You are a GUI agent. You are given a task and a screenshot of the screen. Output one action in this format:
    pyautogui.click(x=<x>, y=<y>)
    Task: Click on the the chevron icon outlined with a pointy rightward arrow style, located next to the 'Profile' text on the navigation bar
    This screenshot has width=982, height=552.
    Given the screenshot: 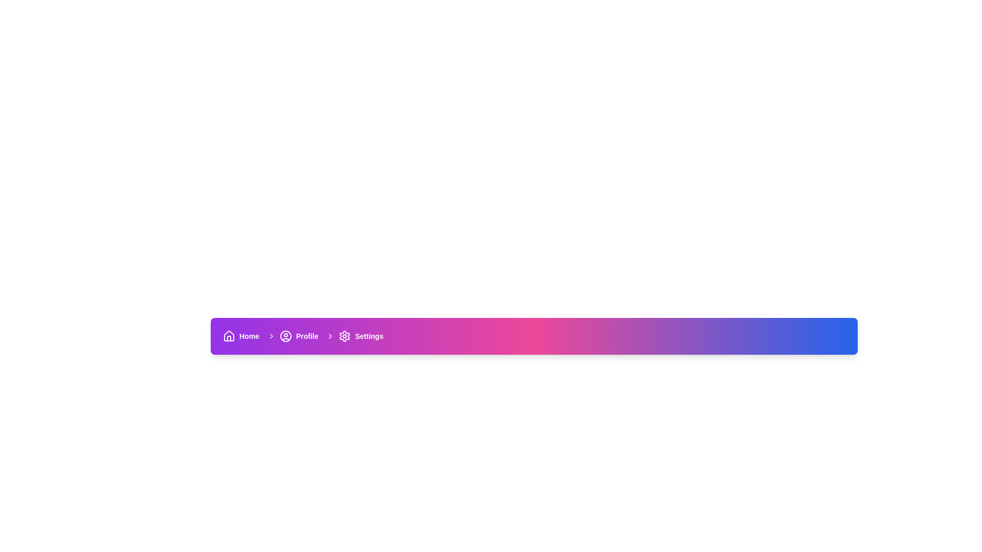 What is the action you would take?
    pyautogui.click(x=271, y=336)
    